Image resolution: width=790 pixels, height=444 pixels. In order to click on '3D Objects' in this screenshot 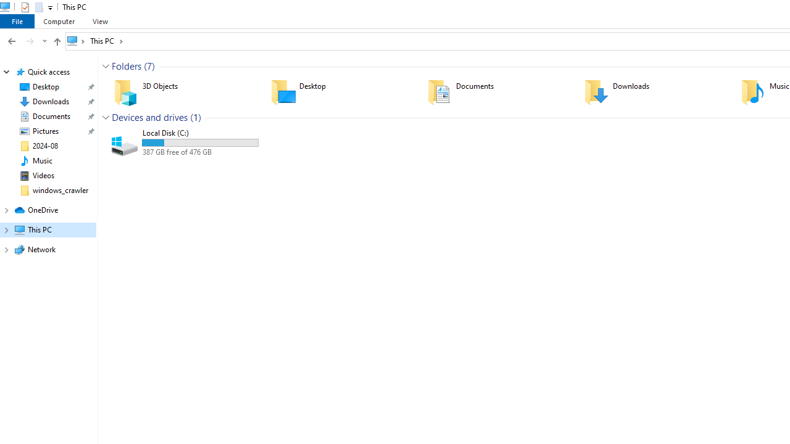, I will do `click(183, 91)`.